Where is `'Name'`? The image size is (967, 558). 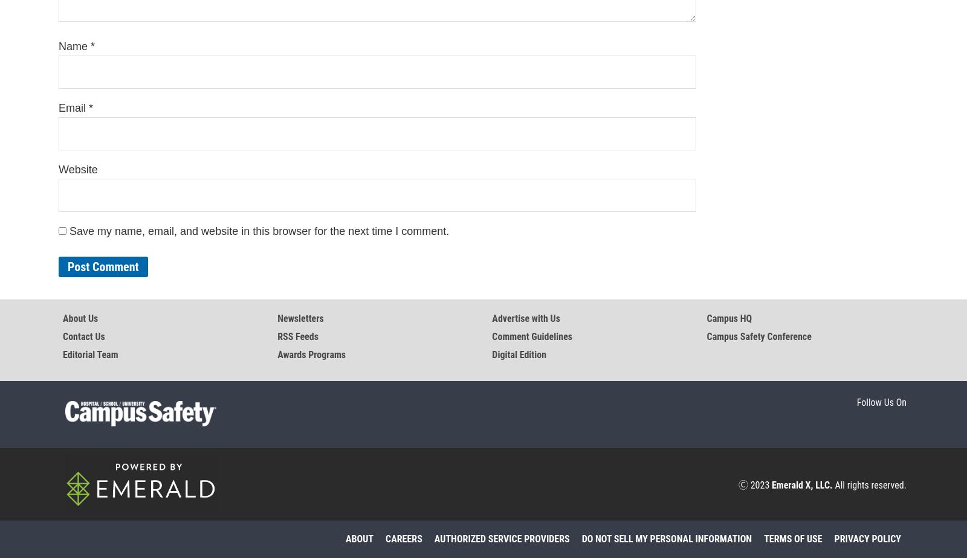 'Name' is located at coordinates (74, 46).